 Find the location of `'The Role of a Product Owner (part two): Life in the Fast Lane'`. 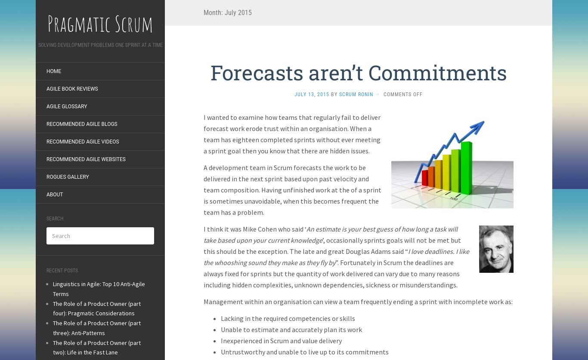

'The Role of a Product Owner (part two): Life in the Fast Lane' is located at coordinates (52, 347).